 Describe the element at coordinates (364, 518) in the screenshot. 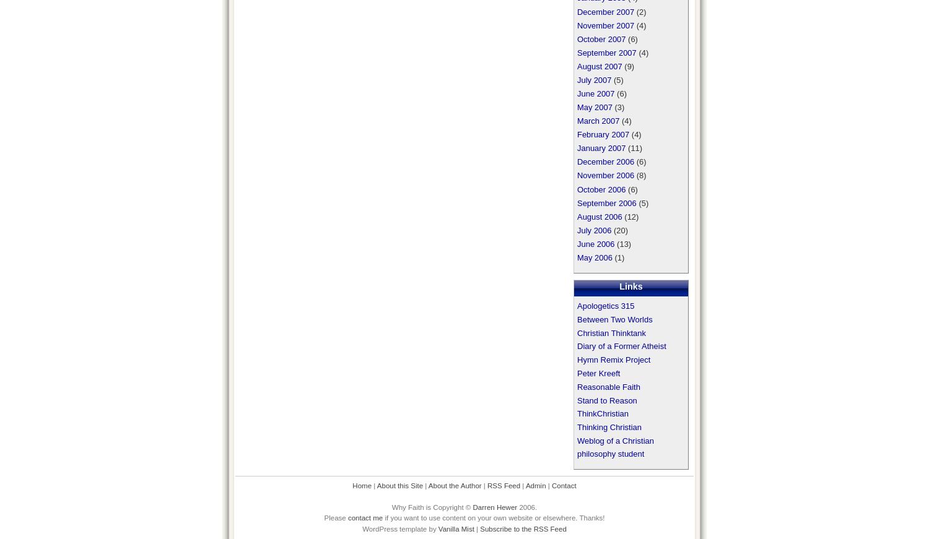

I see `'contact me'` at that location.